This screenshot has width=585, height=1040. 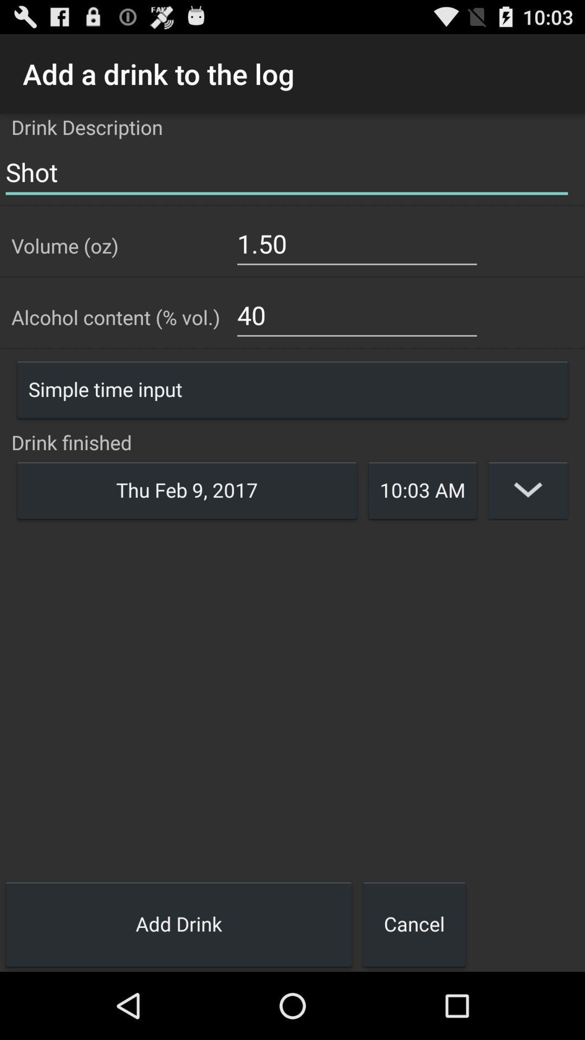 What do you see at coordinates (528, 489) in the screenshot?
I see `drop down button` at bounding box center [528, 489].